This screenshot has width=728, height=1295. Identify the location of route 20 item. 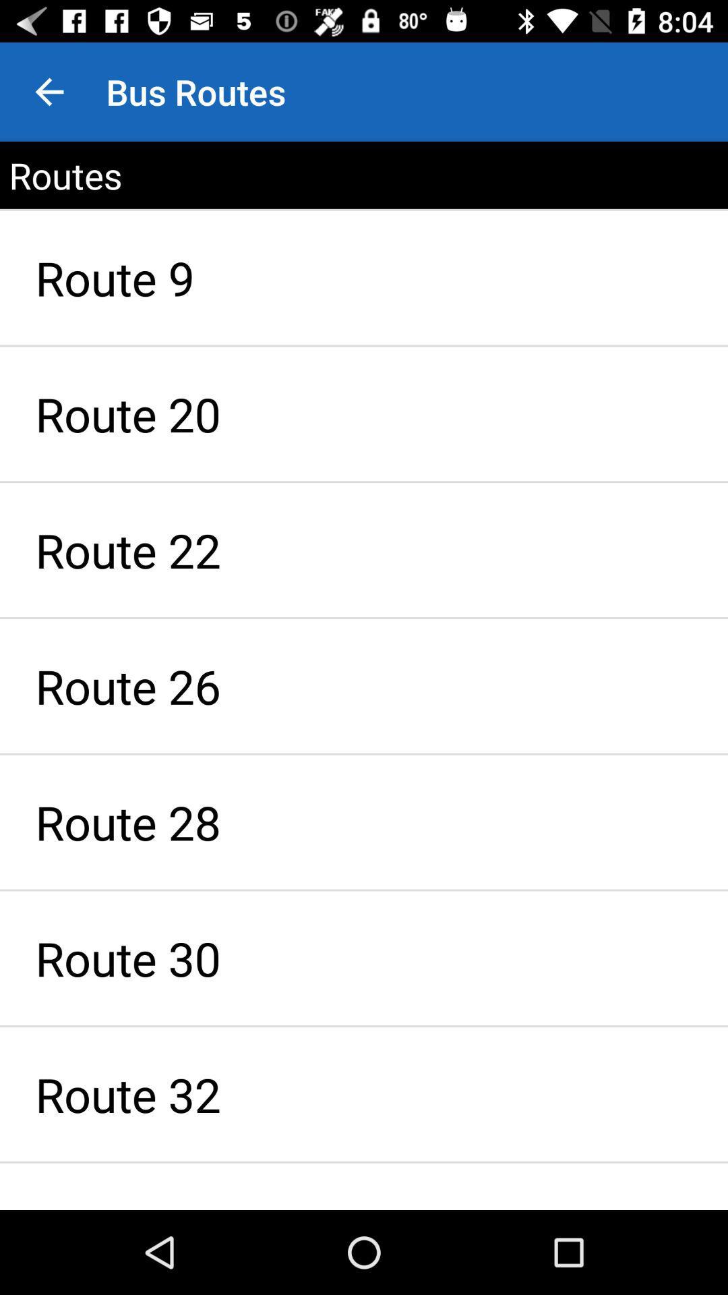
(364, 413).